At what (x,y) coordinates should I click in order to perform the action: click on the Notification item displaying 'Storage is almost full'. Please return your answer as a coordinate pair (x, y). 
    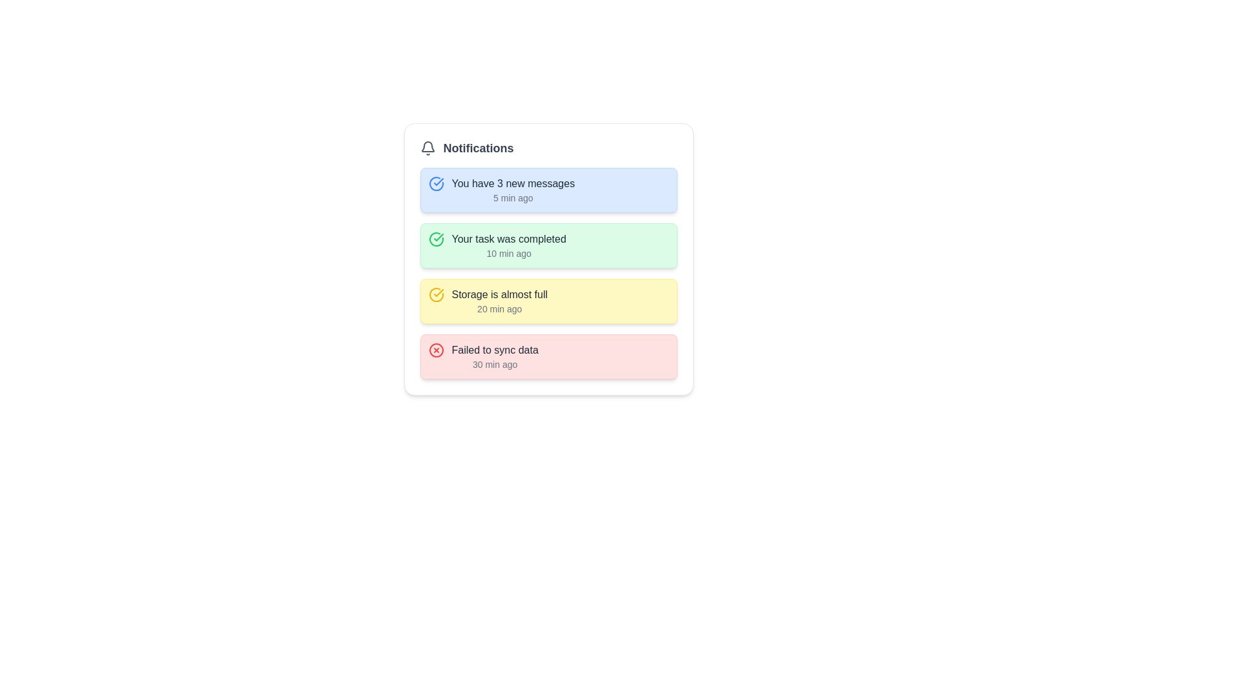
    Looking at the image, I should click on (499, 301).